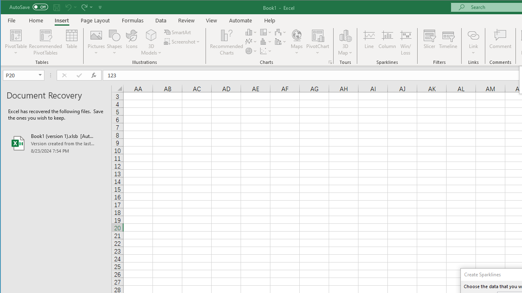 Image resolution: width=522 pixels, height=293 pixels. I want to click on 'Pictures', so click(96, 42).